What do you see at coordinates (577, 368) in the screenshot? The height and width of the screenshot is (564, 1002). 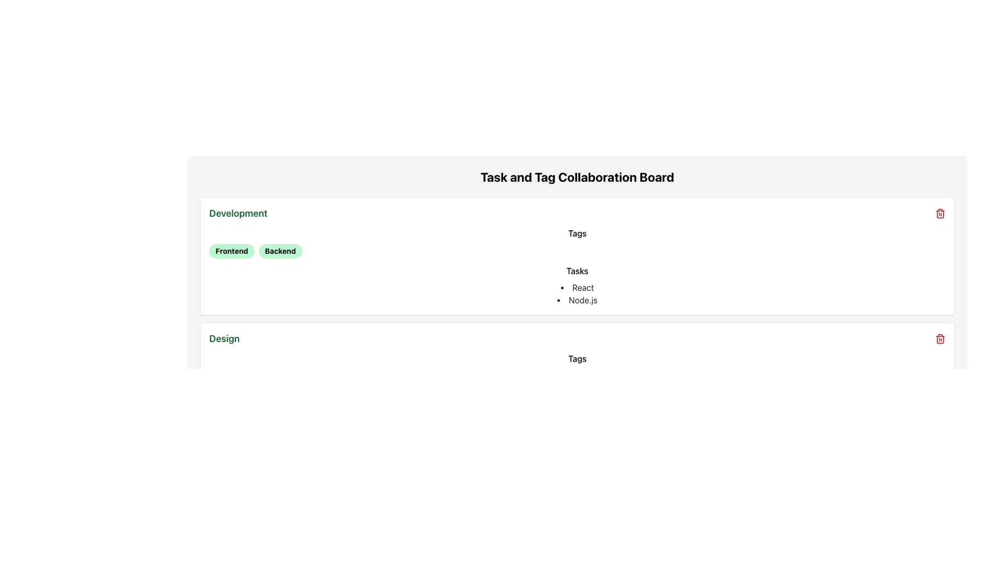 I see `the 'Tags' text label, which is a medium-weight sans-serif font on a white background, located under the 'Tags' heading in the 'Design' section` at bounding box center [577, 368].